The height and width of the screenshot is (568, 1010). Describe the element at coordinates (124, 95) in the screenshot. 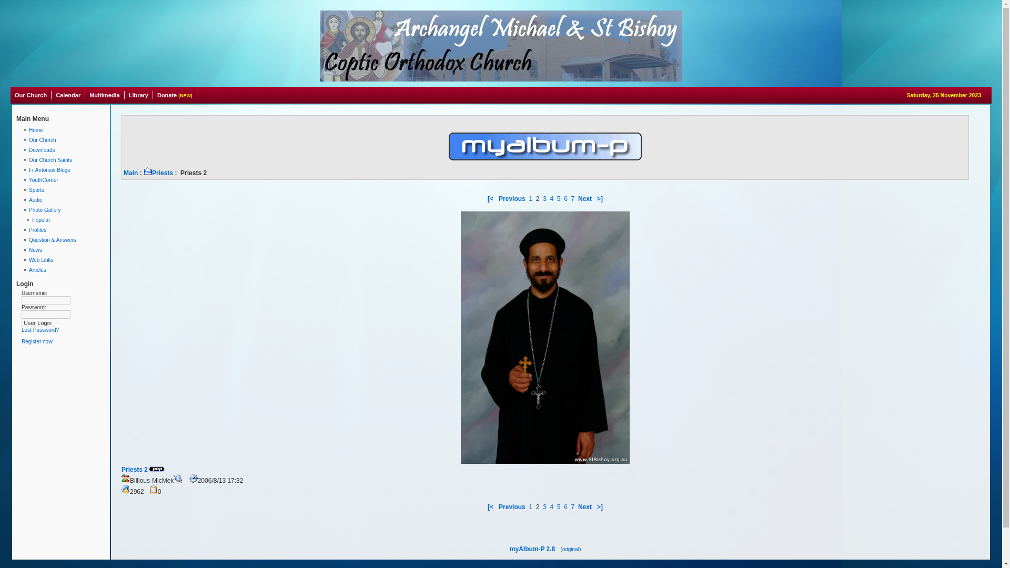

I see `'Library'` at that location.